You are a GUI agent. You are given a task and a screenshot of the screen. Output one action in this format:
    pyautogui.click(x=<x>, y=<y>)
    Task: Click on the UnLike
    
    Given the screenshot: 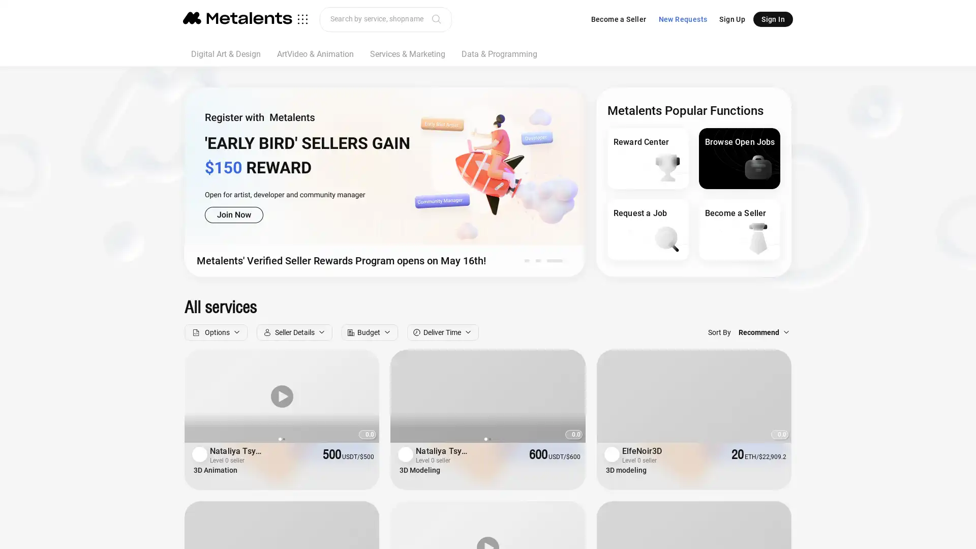 What is the action you would take?
    pyautogui.click(x=572, y=472)
    